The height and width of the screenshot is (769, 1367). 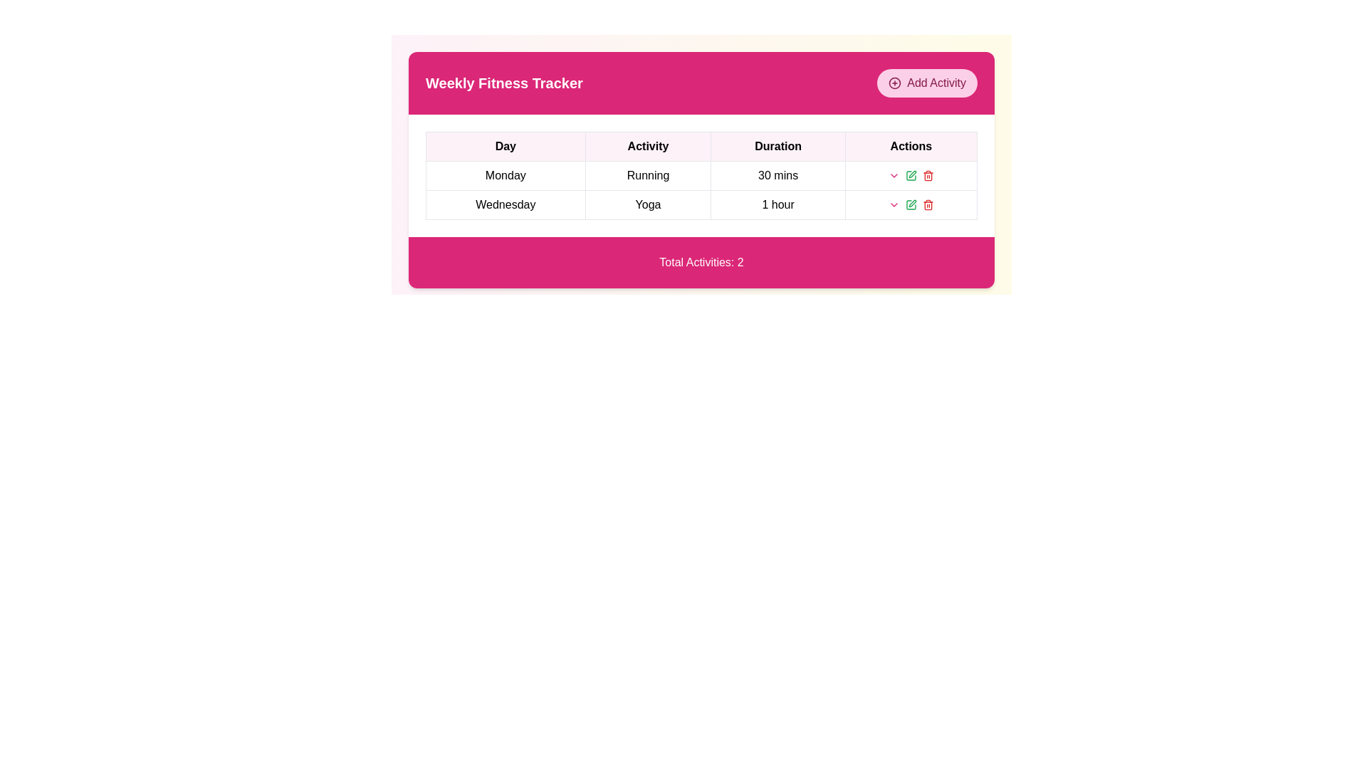 What do you see at coordinates (910, 174) in the screenshot?
I see `the edit button located in the 'Actions' column of the second row (Yoga) in the table to initiate editing` at bounding box center [910, 174].